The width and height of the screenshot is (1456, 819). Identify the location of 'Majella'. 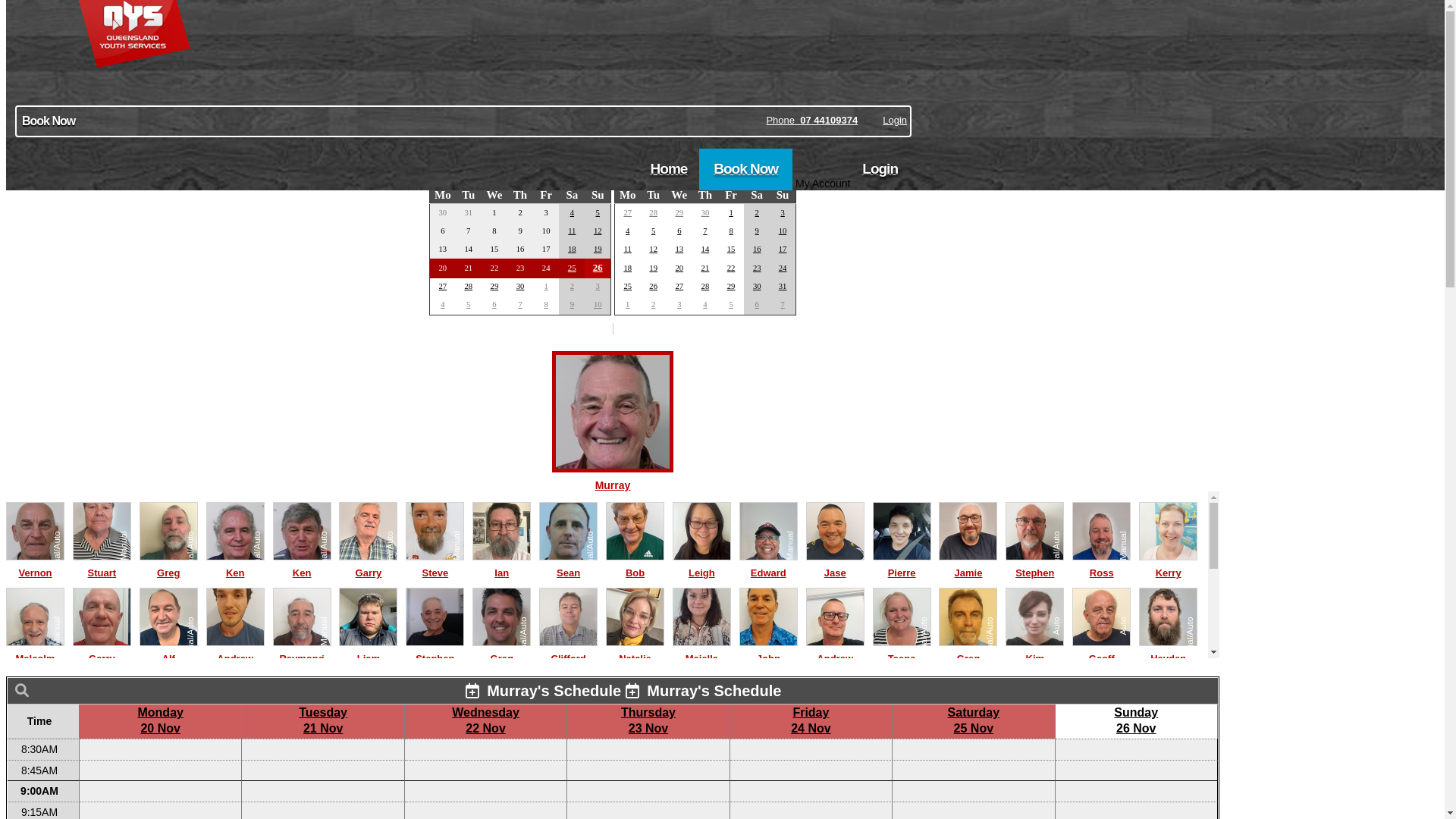
(701, 650).